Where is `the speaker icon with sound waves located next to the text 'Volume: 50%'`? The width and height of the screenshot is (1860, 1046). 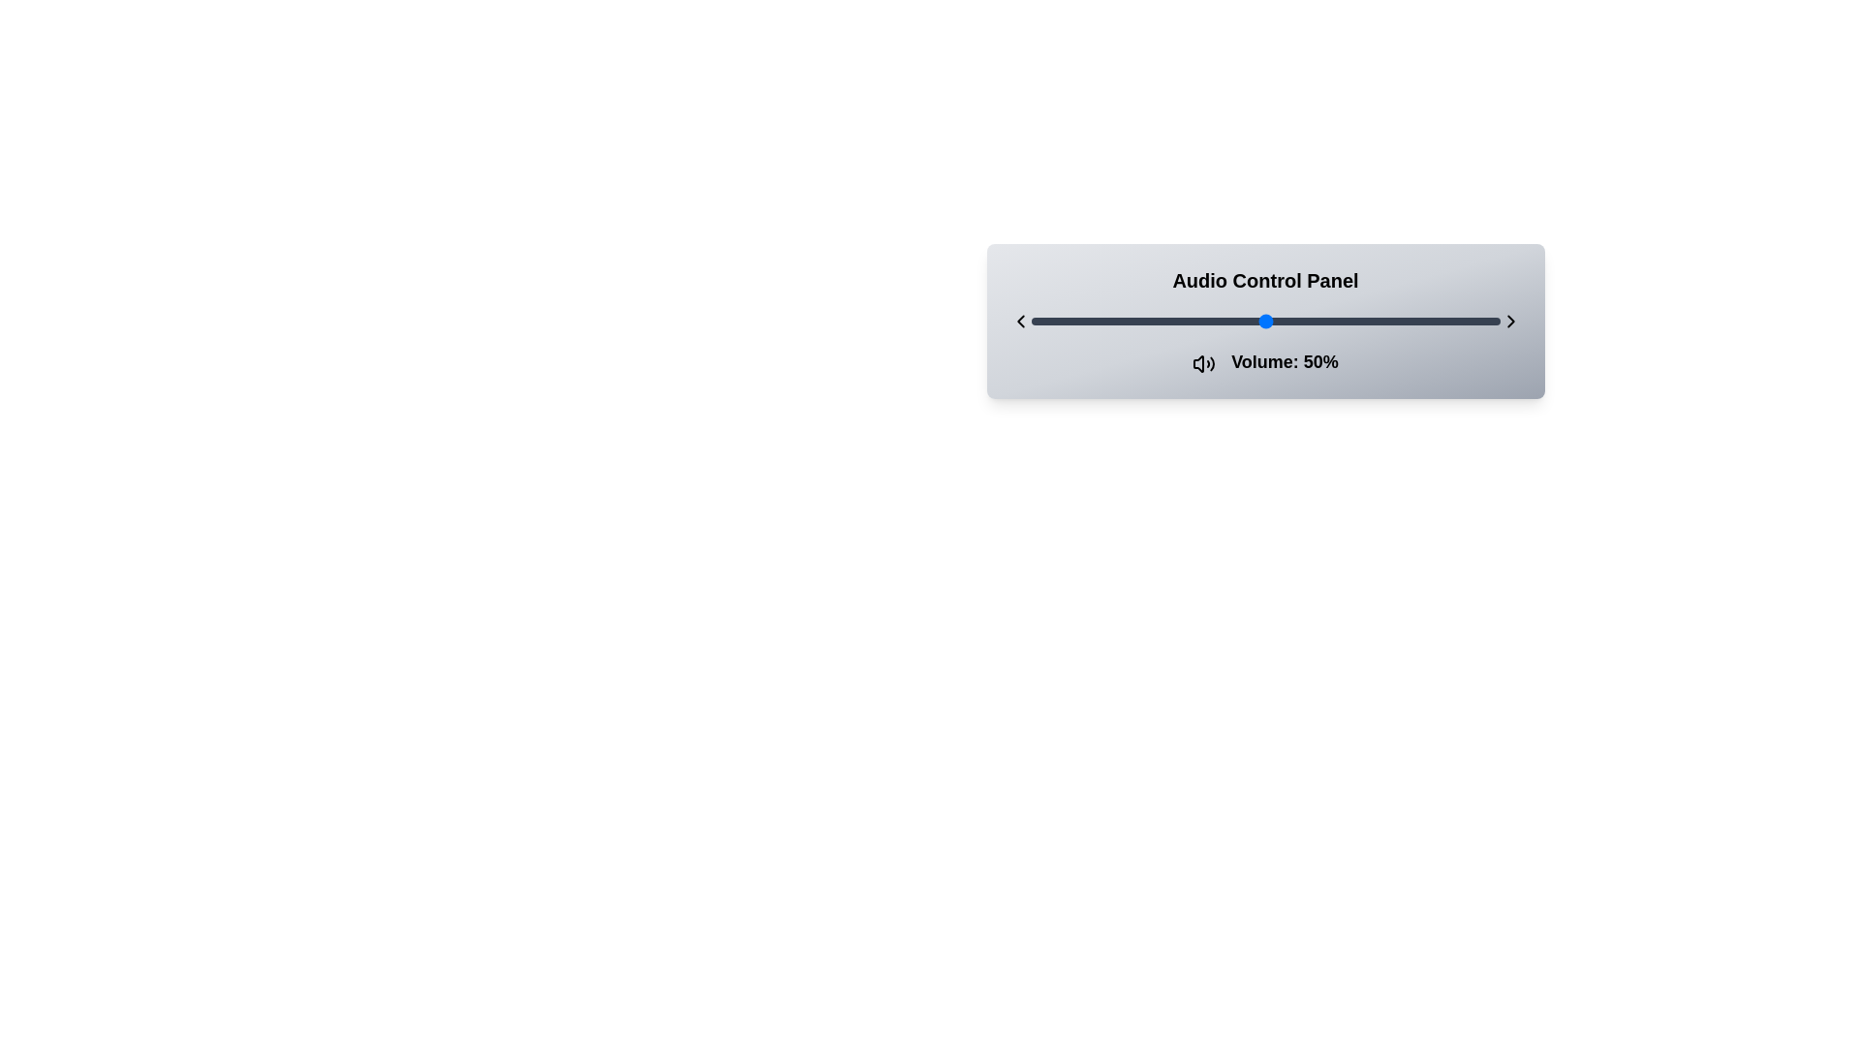
the speaker icon with sound waves located next to the text 'Volume: 50%' is located at coordinates (1197, 363).